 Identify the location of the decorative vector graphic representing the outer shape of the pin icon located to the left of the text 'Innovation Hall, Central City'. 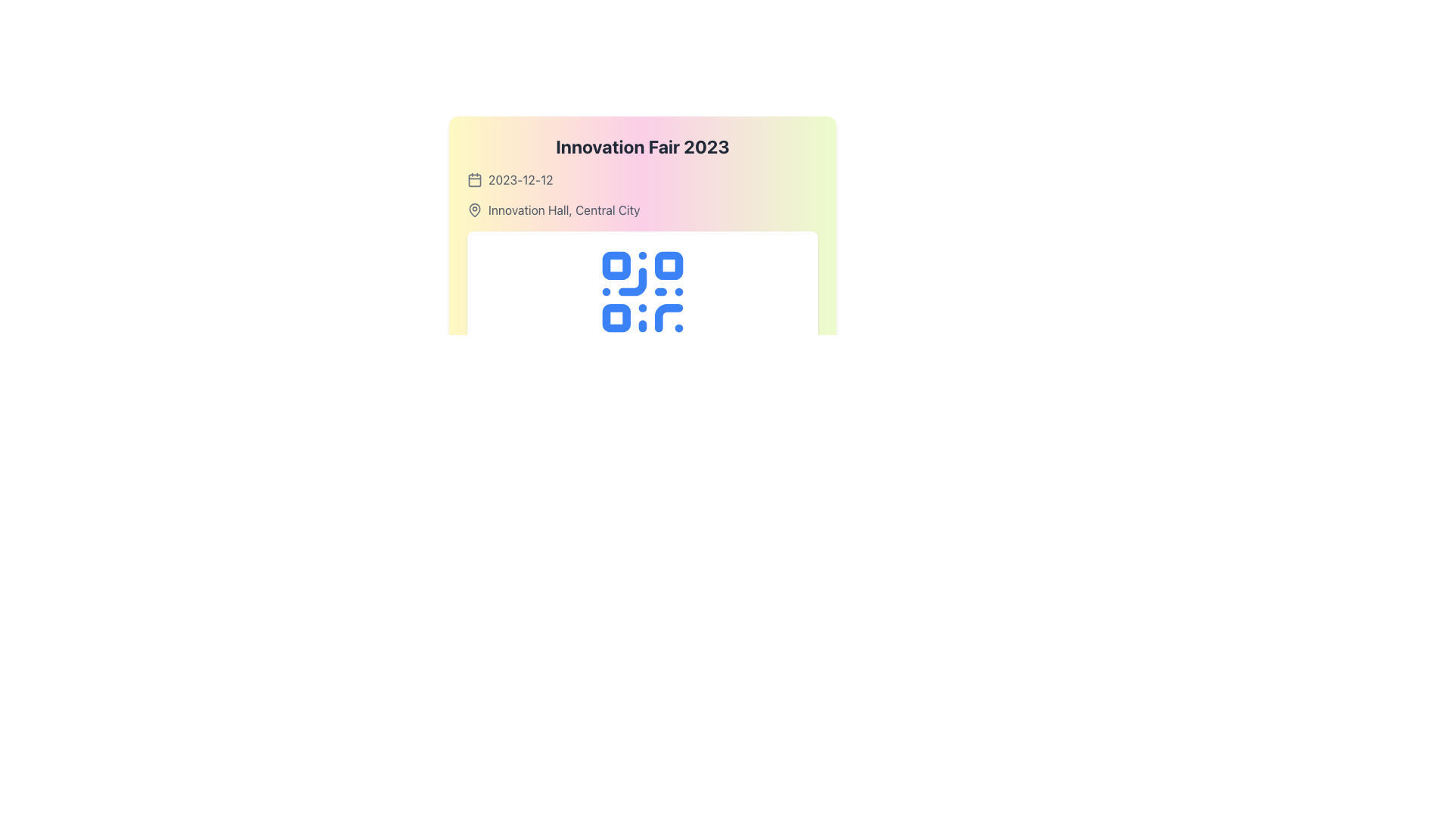
(474, 210).